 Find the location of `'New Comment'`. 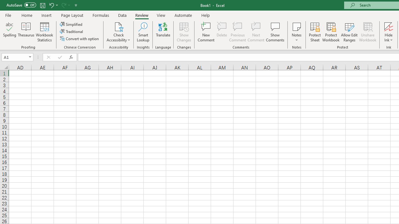

'New Comment' is located at coordinates (206, 32).